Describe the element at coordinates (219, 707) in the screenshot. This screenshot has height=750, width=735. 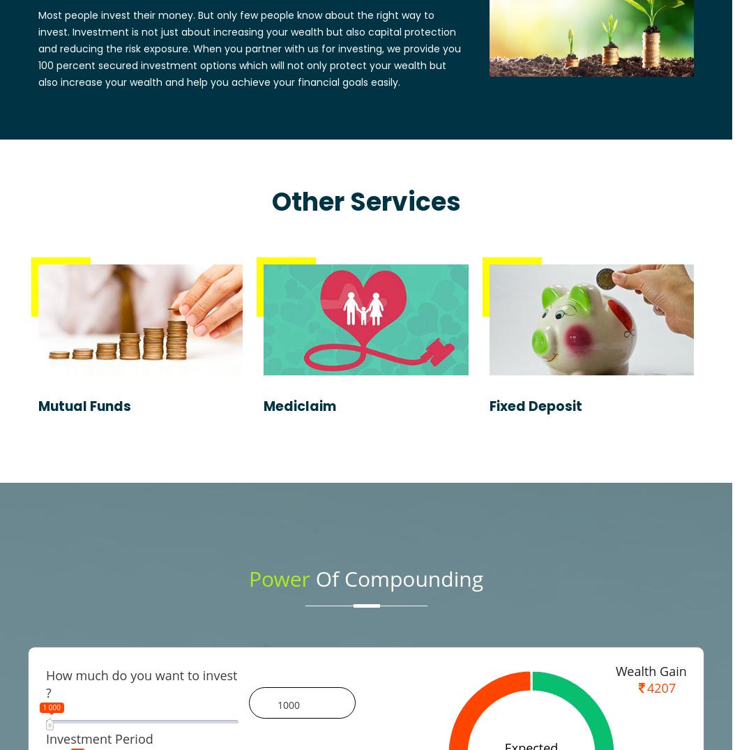
I see `'1 000 000'` at that location.